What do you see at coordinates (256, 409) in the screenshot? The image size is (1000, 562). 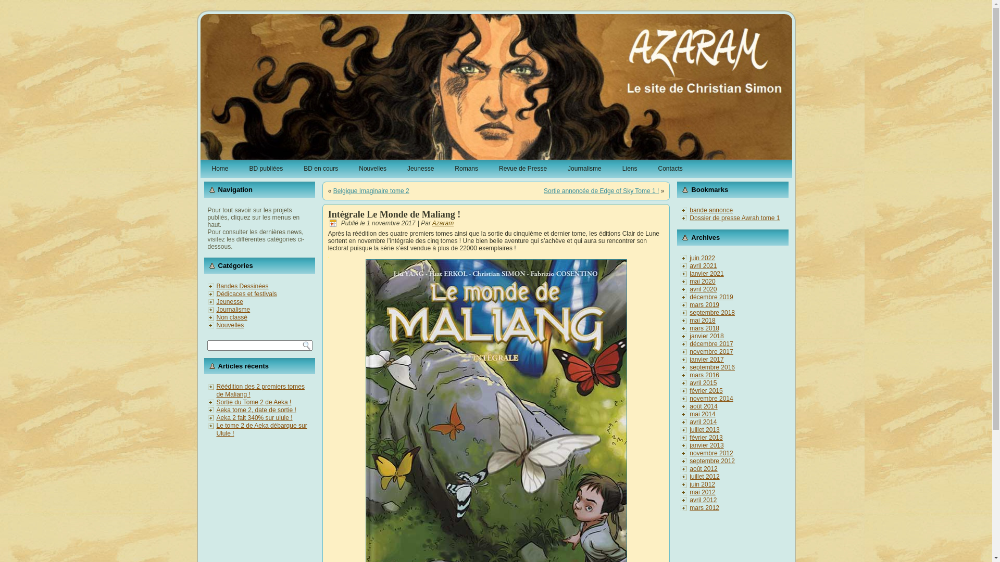 I see `'Aeka tome 2, date de sortie !'` at bounding box center [256, 409].